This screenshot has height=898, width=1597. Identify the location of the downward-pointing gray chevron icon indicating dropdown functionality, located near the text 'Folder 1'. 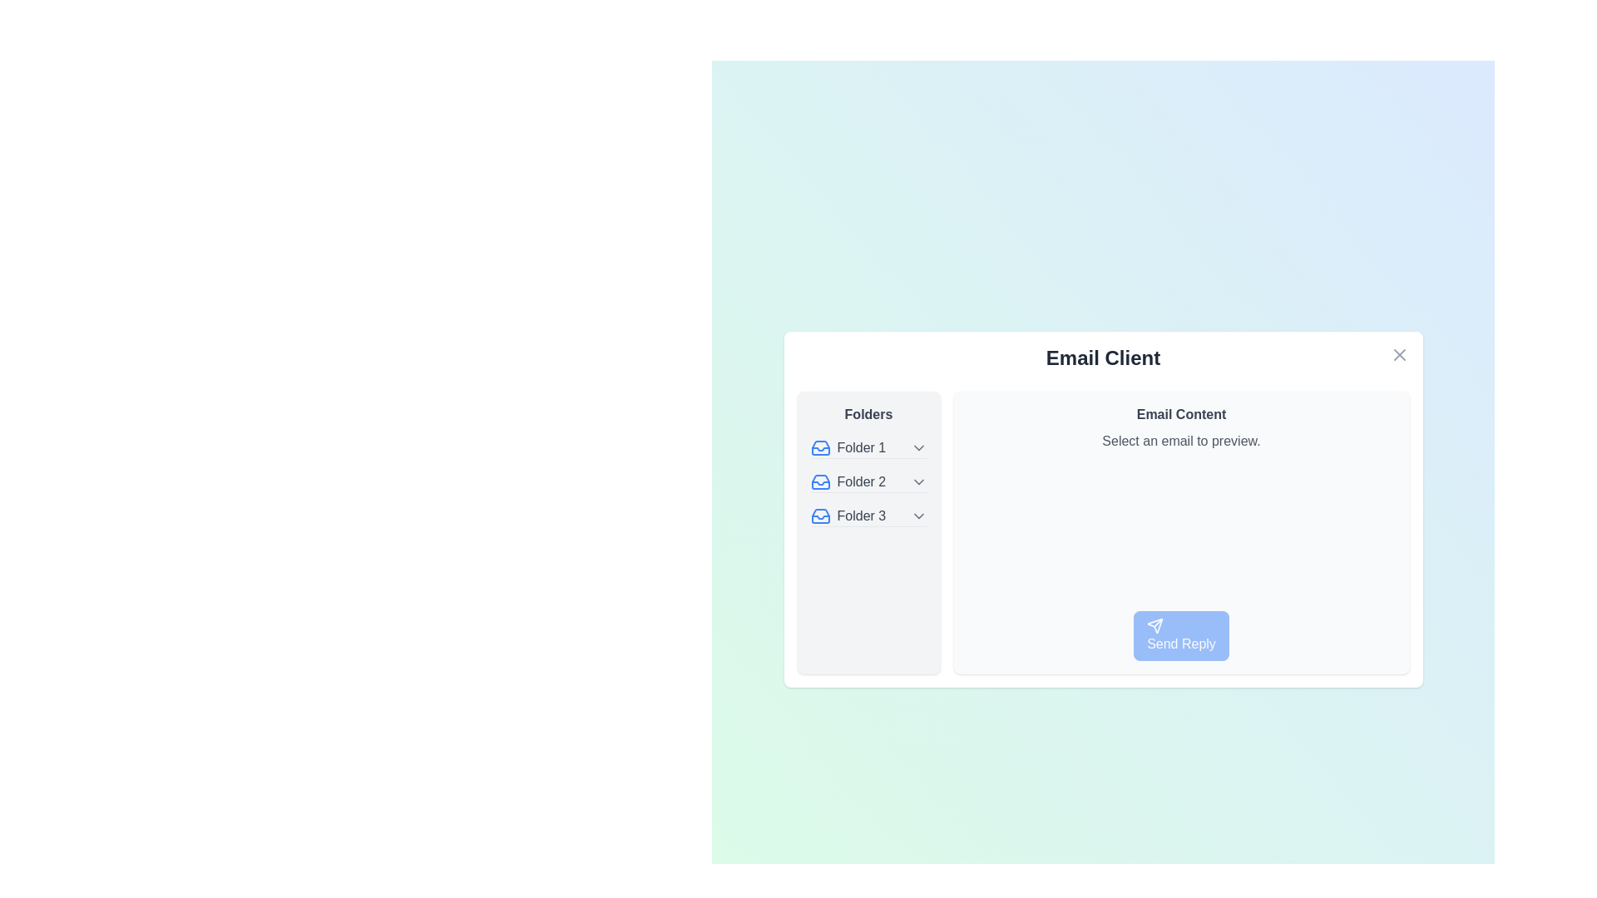
(917, 447).